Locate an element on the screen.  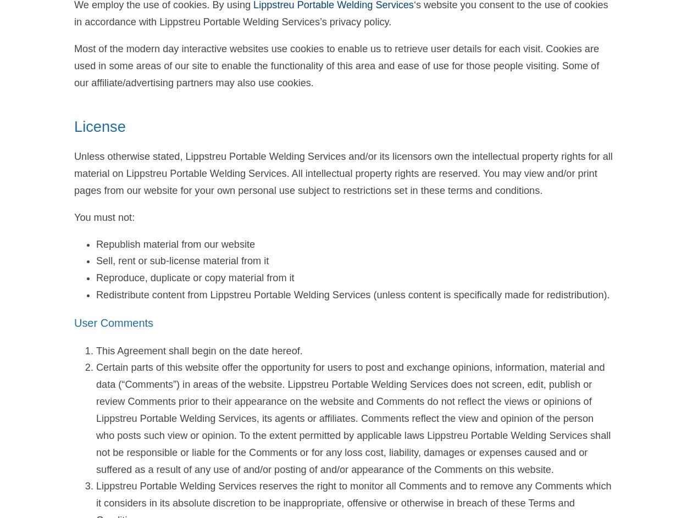
'This Agreement shall begin on the date hereof.' is located at coordinates (198, 350).